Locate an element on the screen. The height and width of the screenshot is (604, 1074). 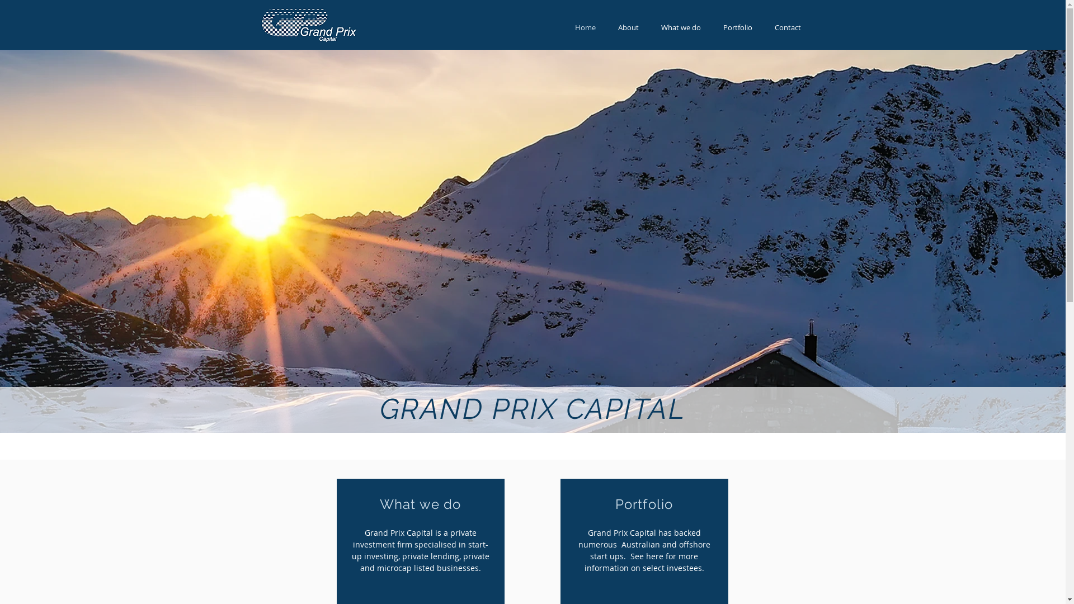
'About' is located at coordinates (606, 27).